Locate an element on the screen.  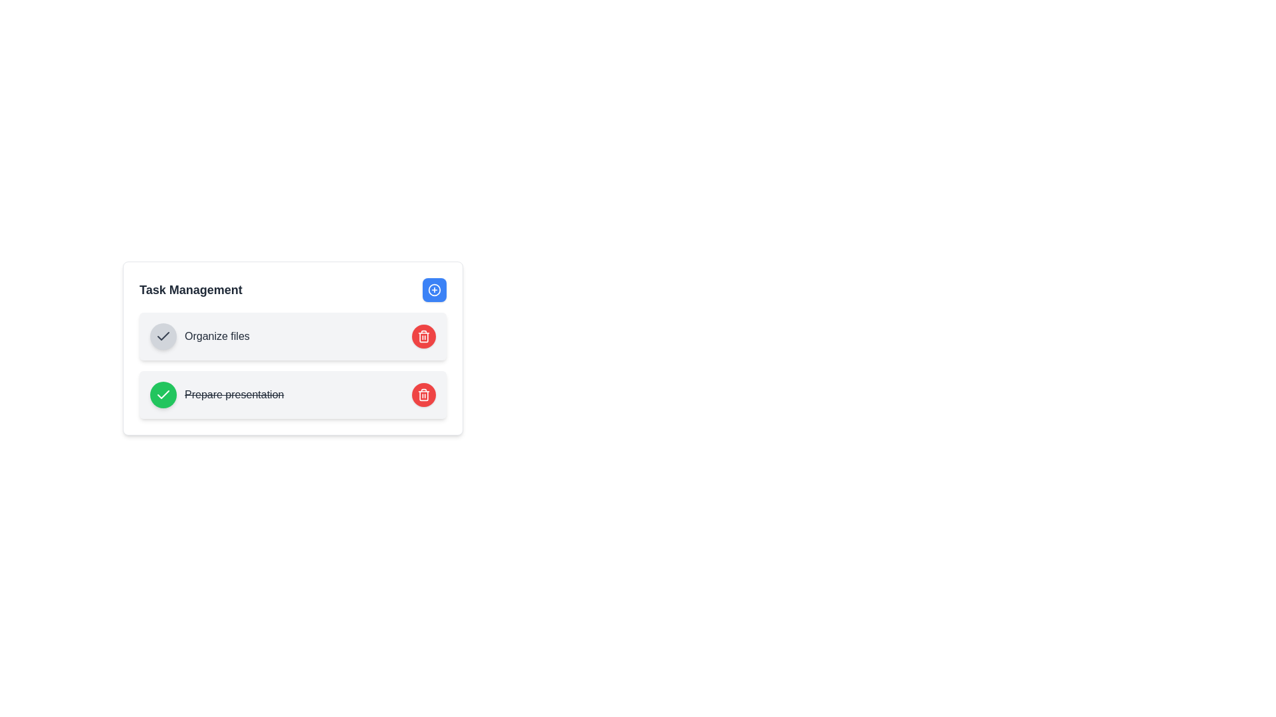
the state of the checkmark icon that indicates task completion, located centrally within the green circle to the left of the text 'Prepare presentation' in the task list is located at coordinates (162, 394).